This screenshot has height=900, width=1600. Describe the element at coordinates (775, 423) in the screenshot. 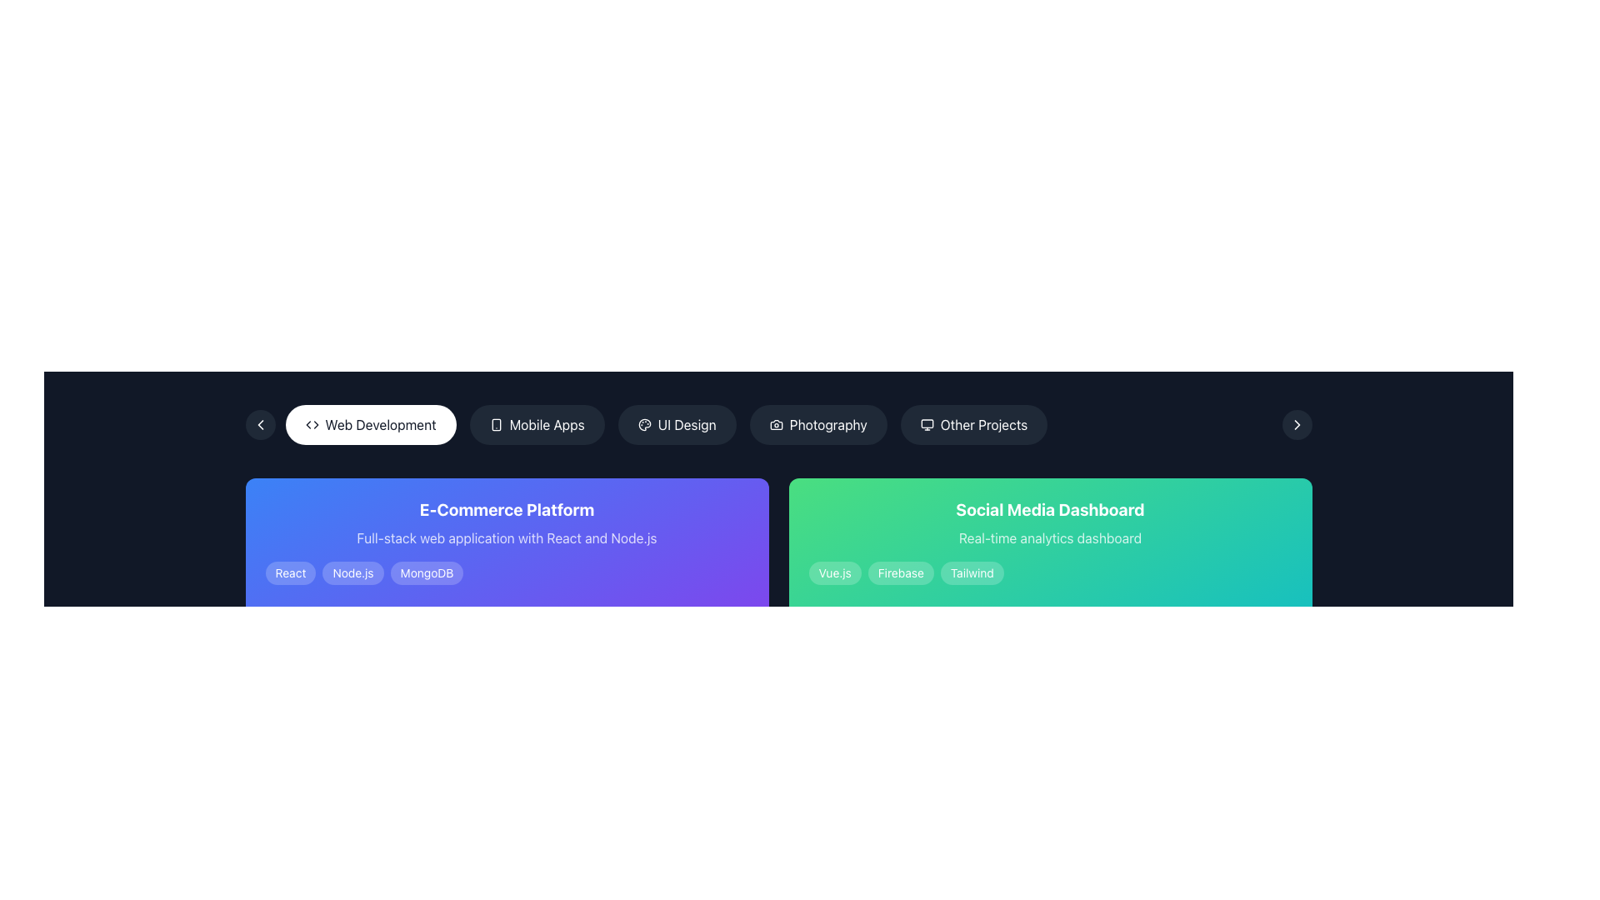

I see `the camera icon located in the navigation section at the top of the interface, which is associated with photography functionalities` at that location.